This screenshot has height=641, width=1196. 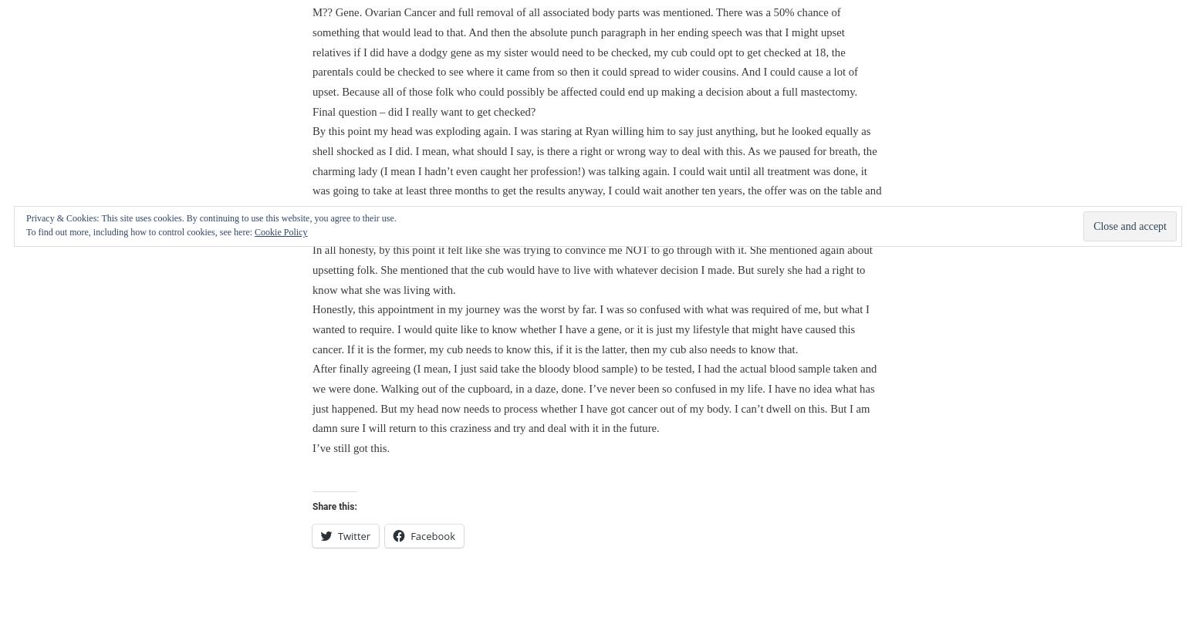 What do you see at coordinates (432, 534) in the screenshot?
I see `'Facebook'` at bounding box center [432, 534].